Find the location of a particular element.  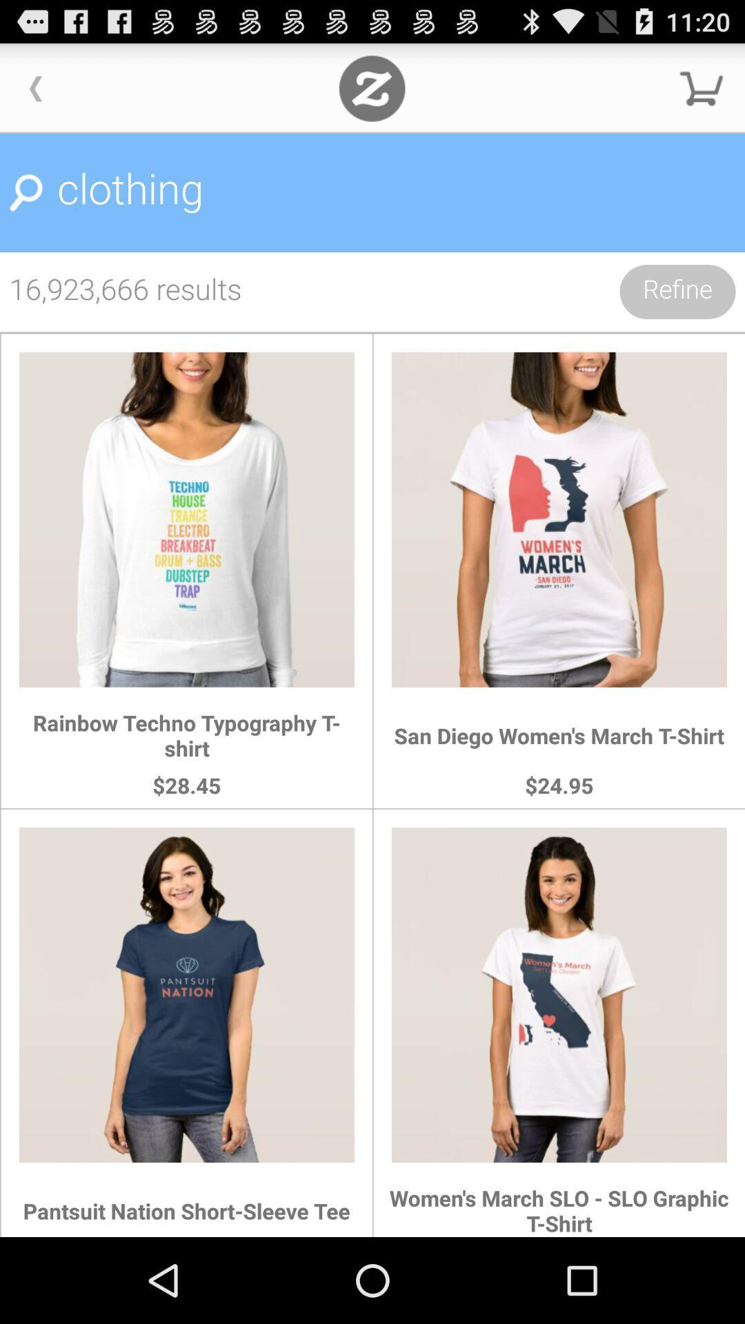

the cart icon is located at coordinates (702, 94).